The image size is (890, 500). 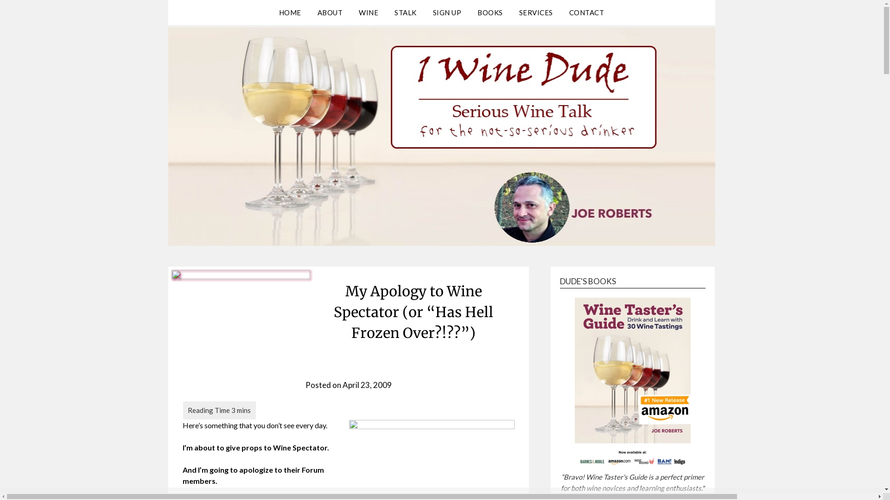 I want to click on 'SERVICES', so click(x=536, y=12).